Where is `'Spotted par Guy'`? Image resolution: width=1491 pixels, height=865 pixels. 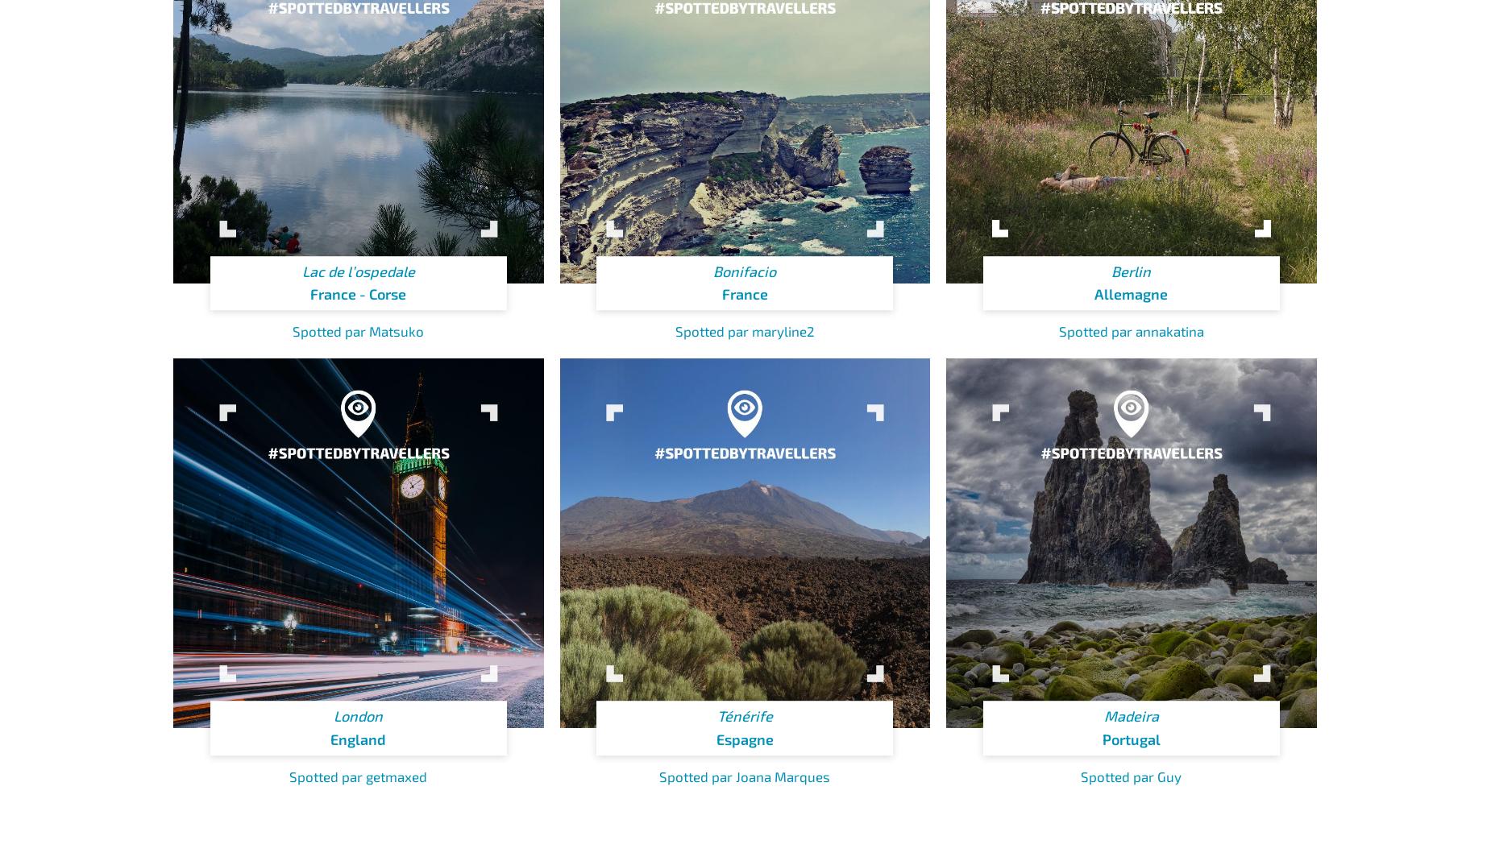
'Spotted par Guy' is located at coordinates (1131, 775).